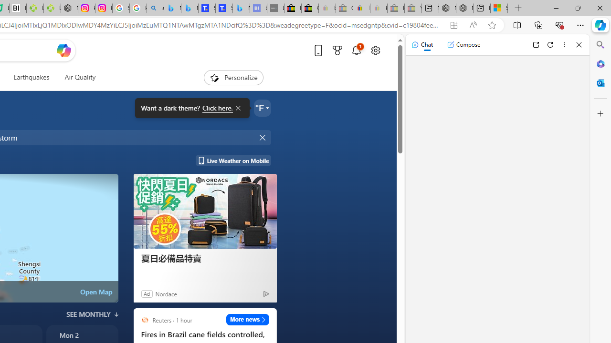 Image resolution: width=611 pixels, height=343 pixels. What do you see at coordinates (237, 108) in the screenshot?
I see `'Class: BubbleMessageCloseIcon-DS-EntryPoint1-1'` at bounding box center [237, 108].